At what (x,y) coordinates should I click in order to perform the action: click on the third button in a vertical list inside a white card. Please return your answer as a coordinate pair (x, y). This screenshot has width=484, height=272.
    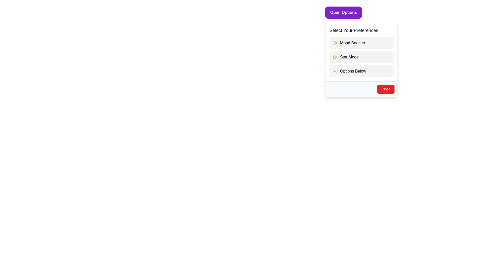
    Looking at the image, I should click on (361, 71).